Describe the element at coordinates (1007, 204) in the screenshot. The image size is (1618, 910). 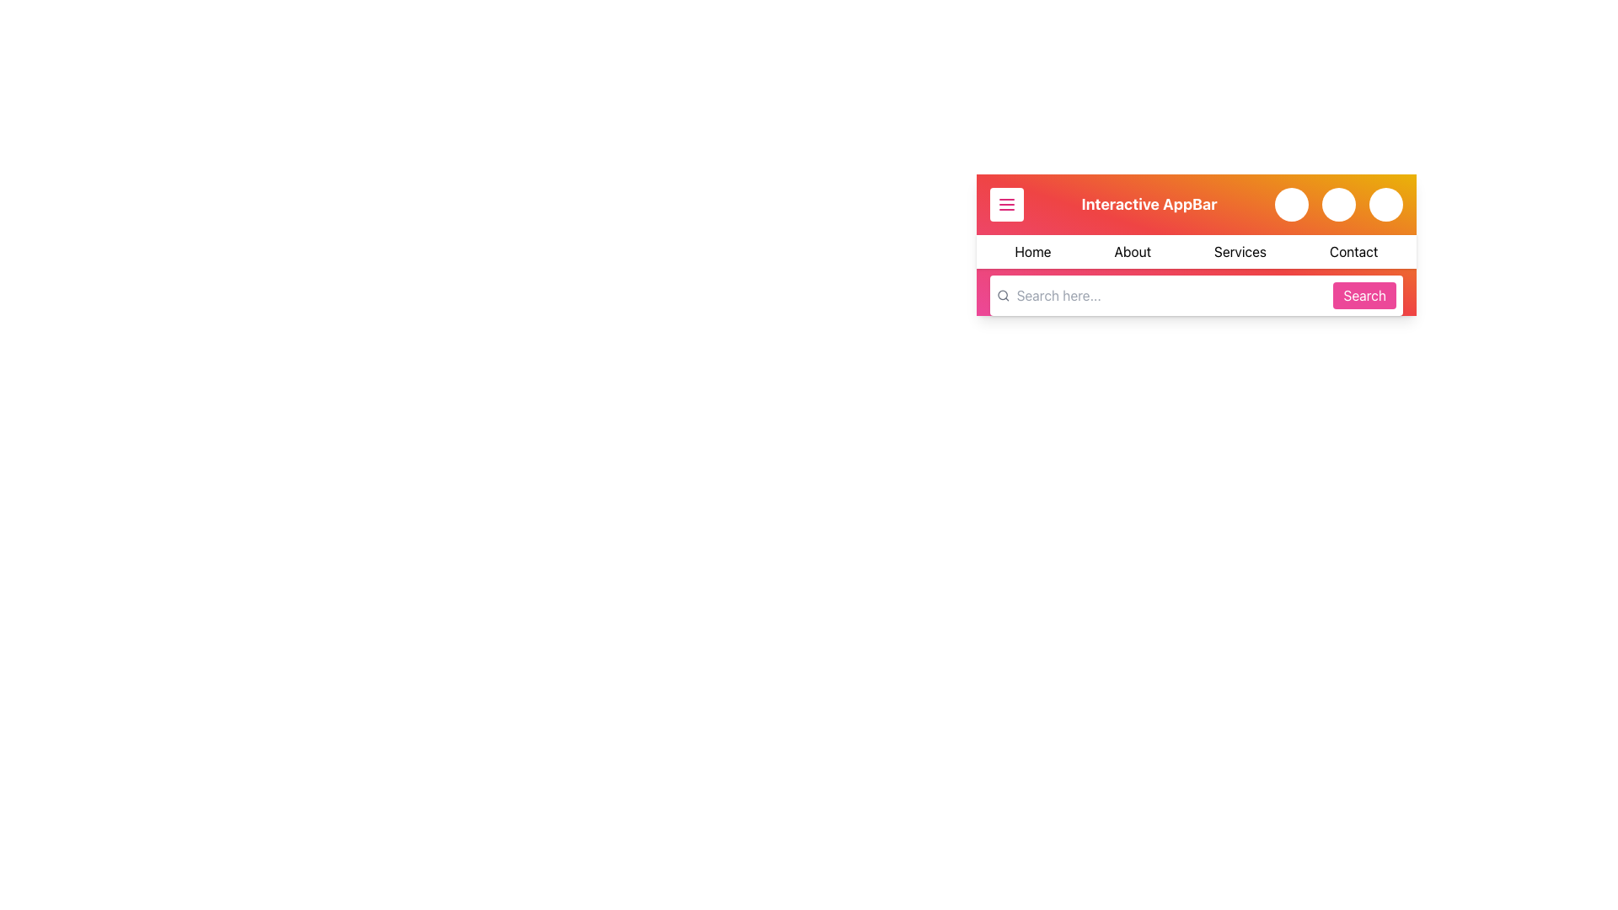
I see `the menu toggle button located at the top left corner of the application bar` at that location.